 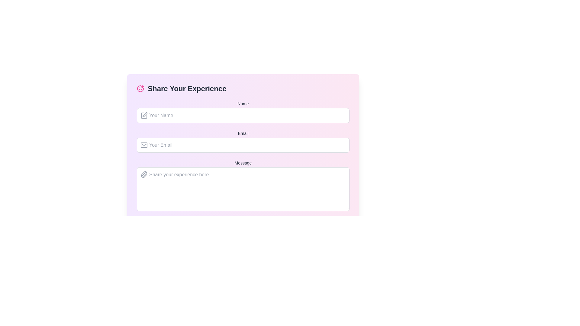 What do you see at coordinates (143, 174) in the screenshot?
I see `the paperclip icon located at the top-left corner of the 'Message' input box` at bounding box center [143, 174].